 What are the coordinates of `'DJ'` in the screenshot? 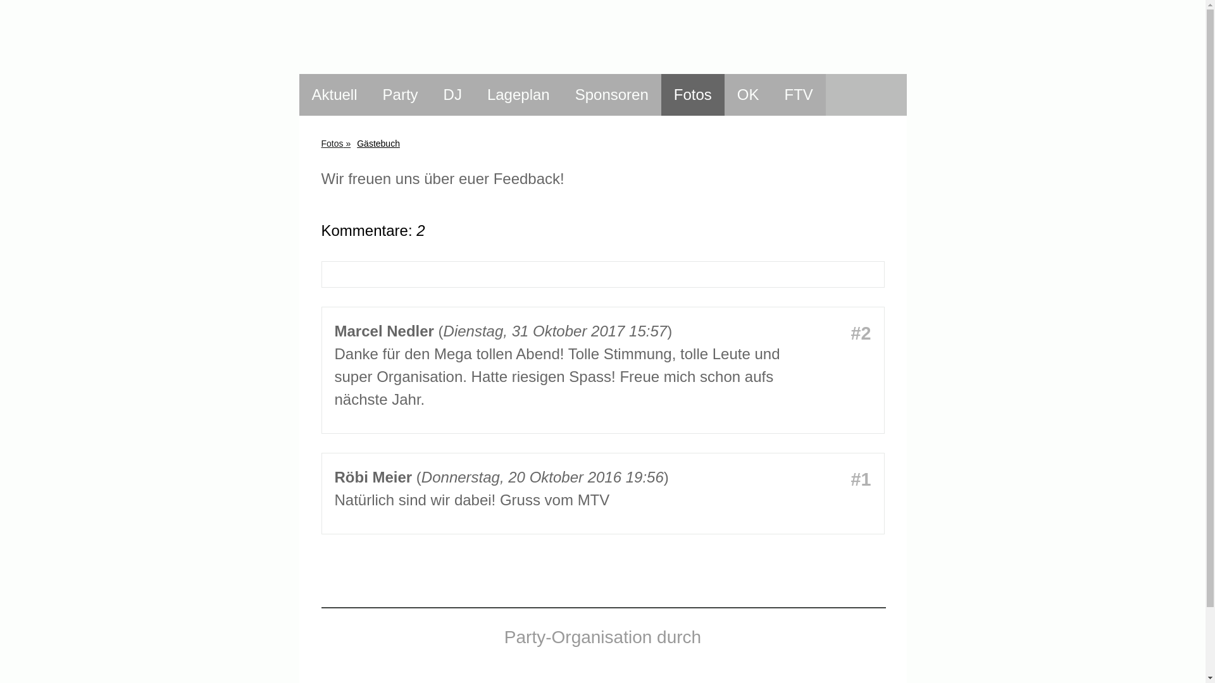 It's located at (452, 94).